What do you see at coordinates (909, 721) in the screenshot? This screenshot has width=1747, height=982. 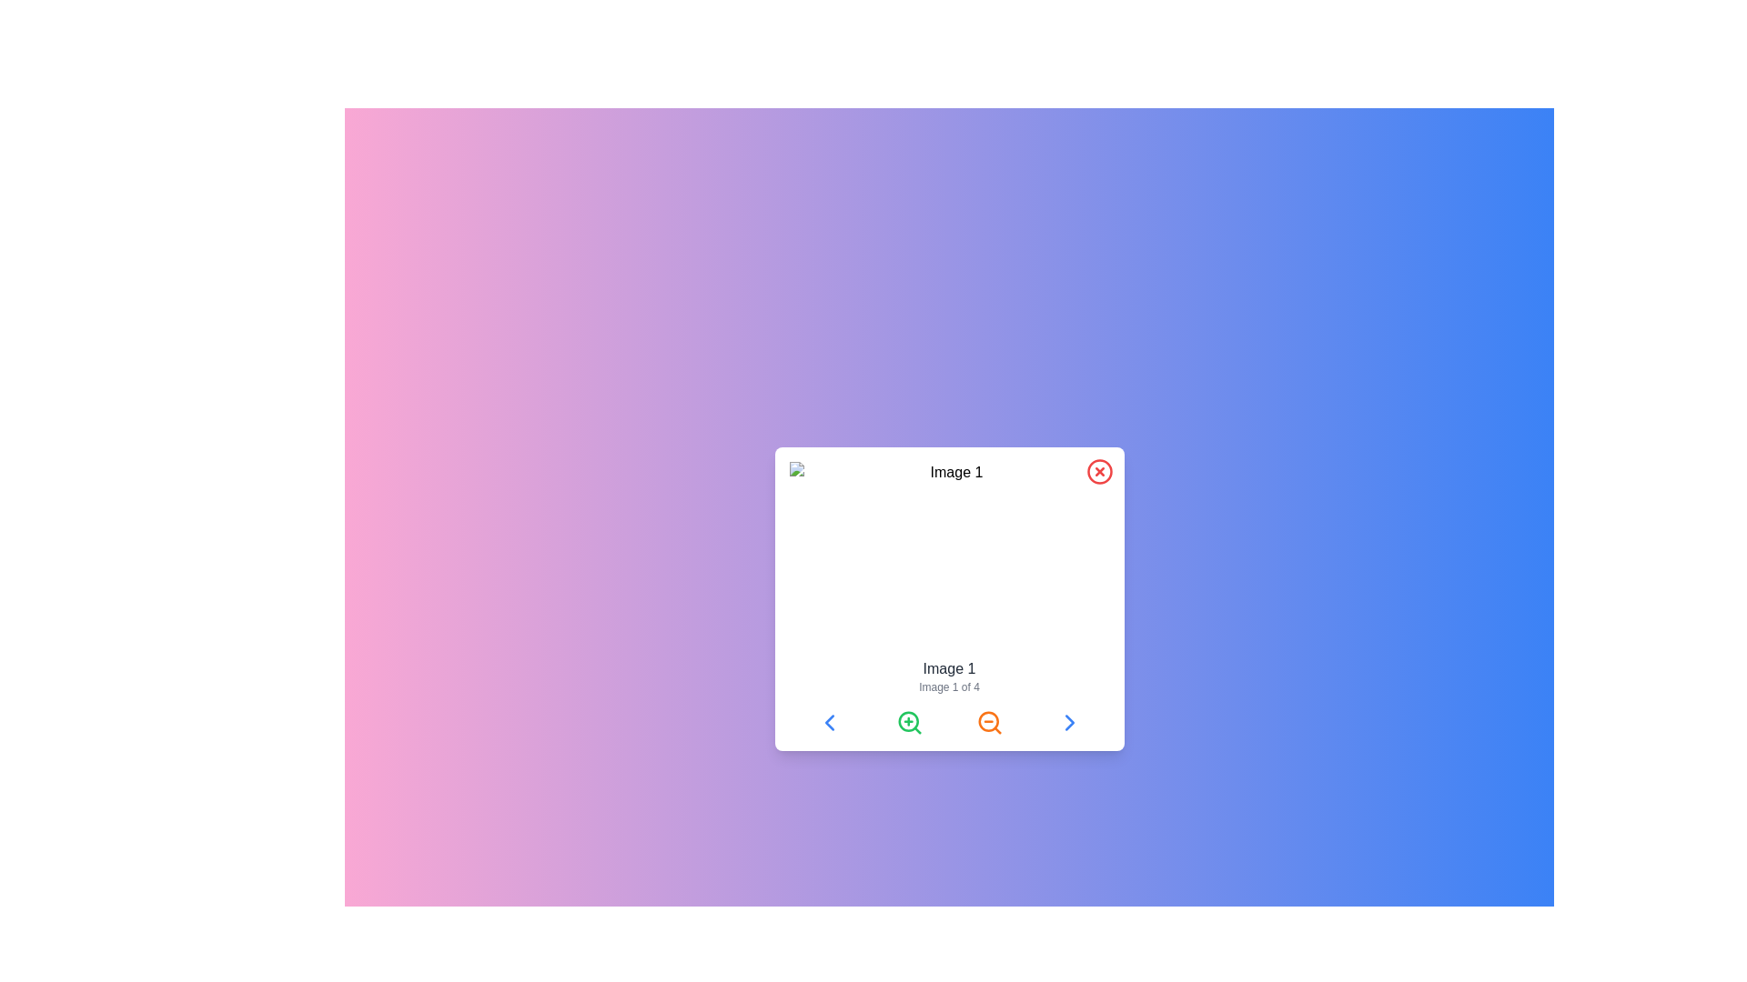 I see `the zoom-in button which resembles a magnifying glass icon with a green color and a plus sign inside it, located centrally towards the bottom of the dialog box` at bounding box center [909, 721].